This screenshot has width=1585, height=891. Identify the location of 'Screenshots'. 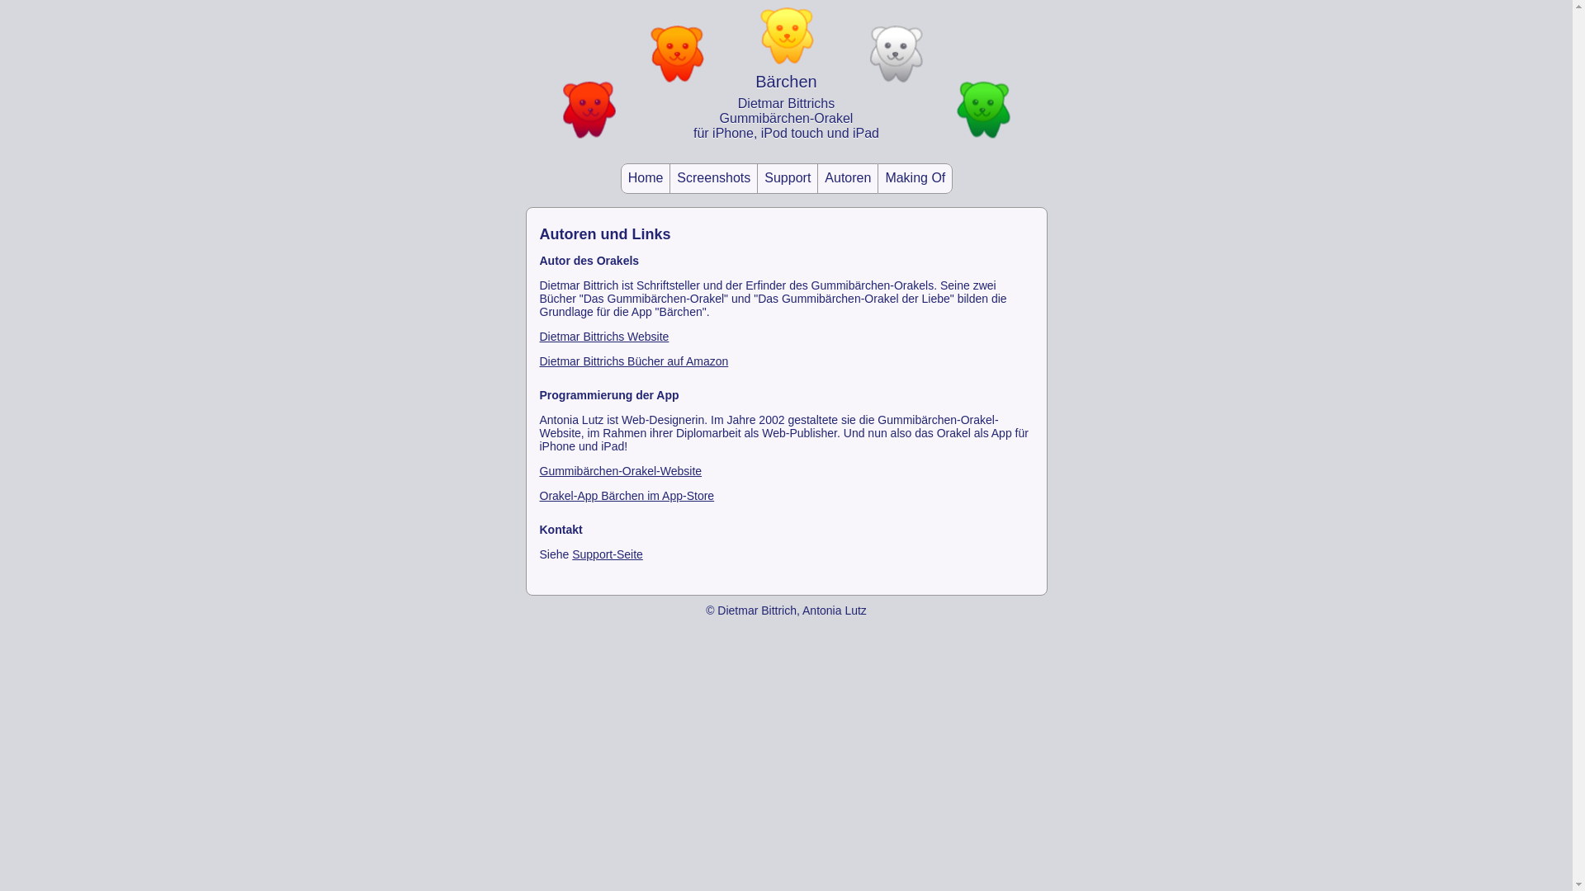
(713, 178).